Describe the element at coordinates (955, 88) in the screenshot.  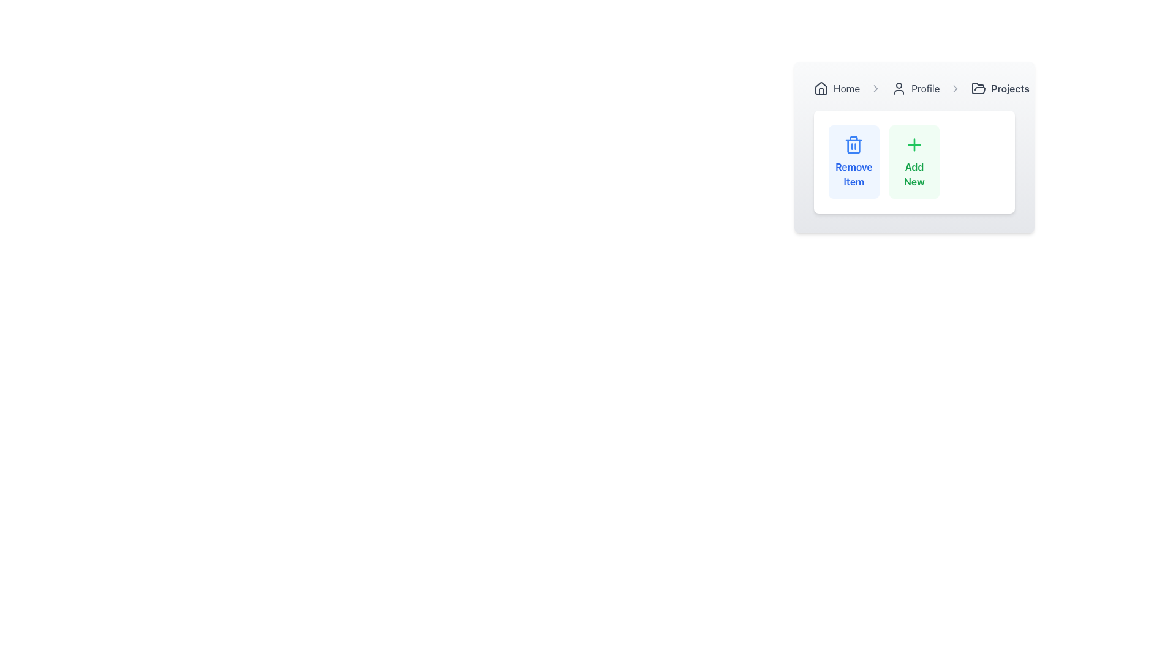
I see `the right-facing chevron icon in the breadcrumb navigation that separates 'Profile' and 'Projects'` at that location.